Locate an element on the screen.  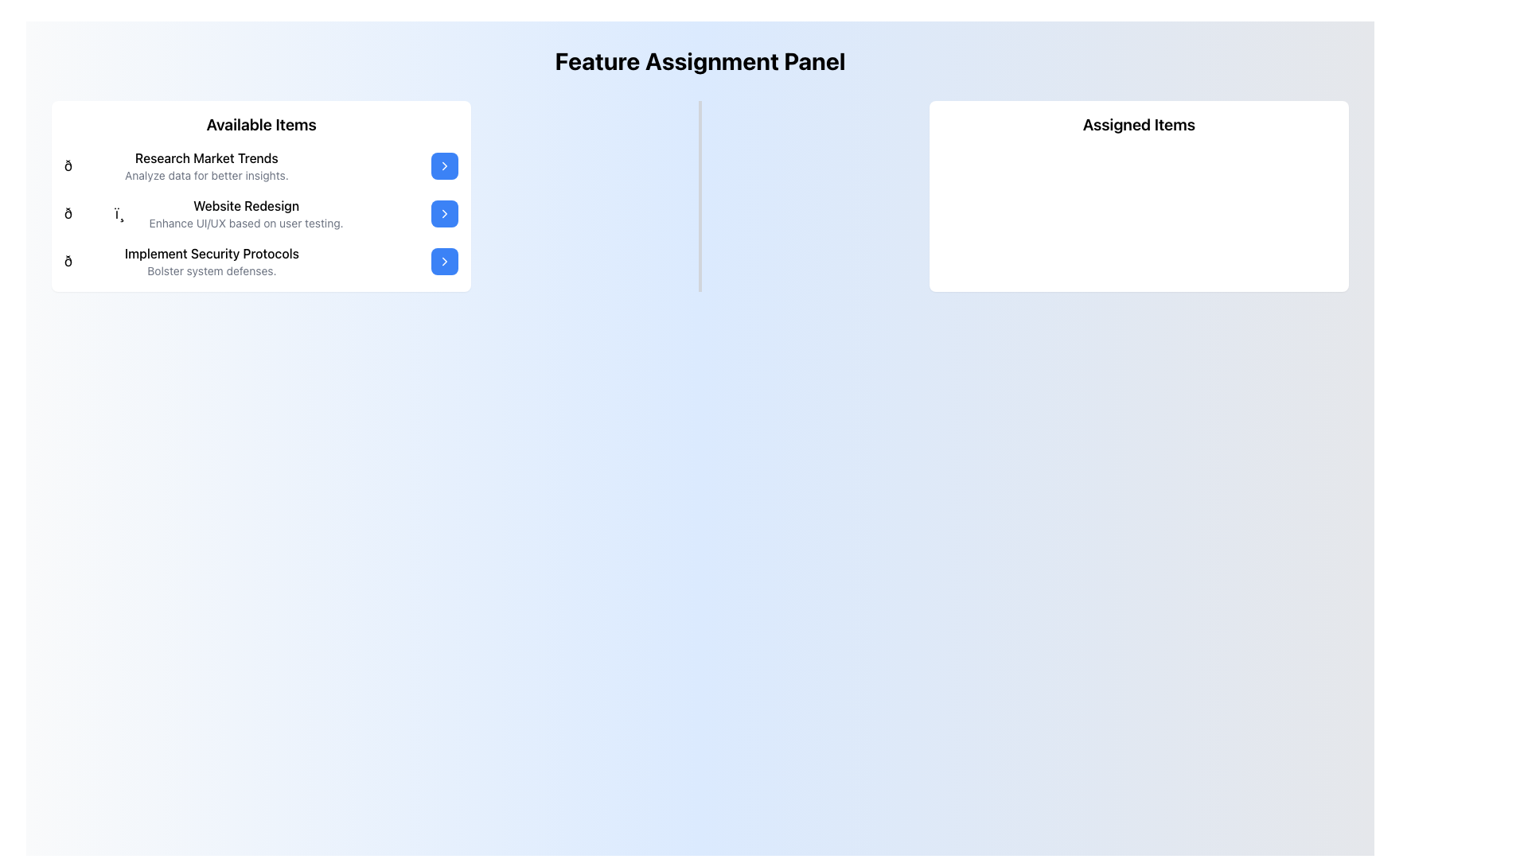
the Icon Button located at the right end of the 'Implement Security Protocols' row in the 'Available Items' section is located at coordinates (444, 260).